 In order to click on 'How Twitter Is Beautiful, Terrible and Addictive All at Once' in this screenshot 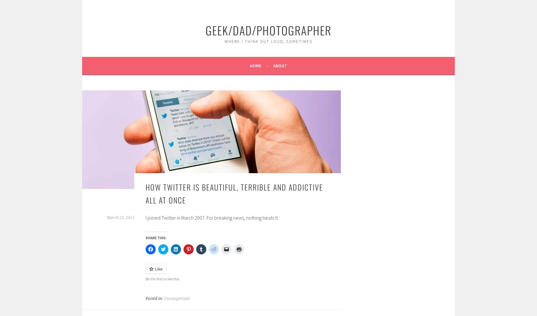, I will do `click(234, 193)`.